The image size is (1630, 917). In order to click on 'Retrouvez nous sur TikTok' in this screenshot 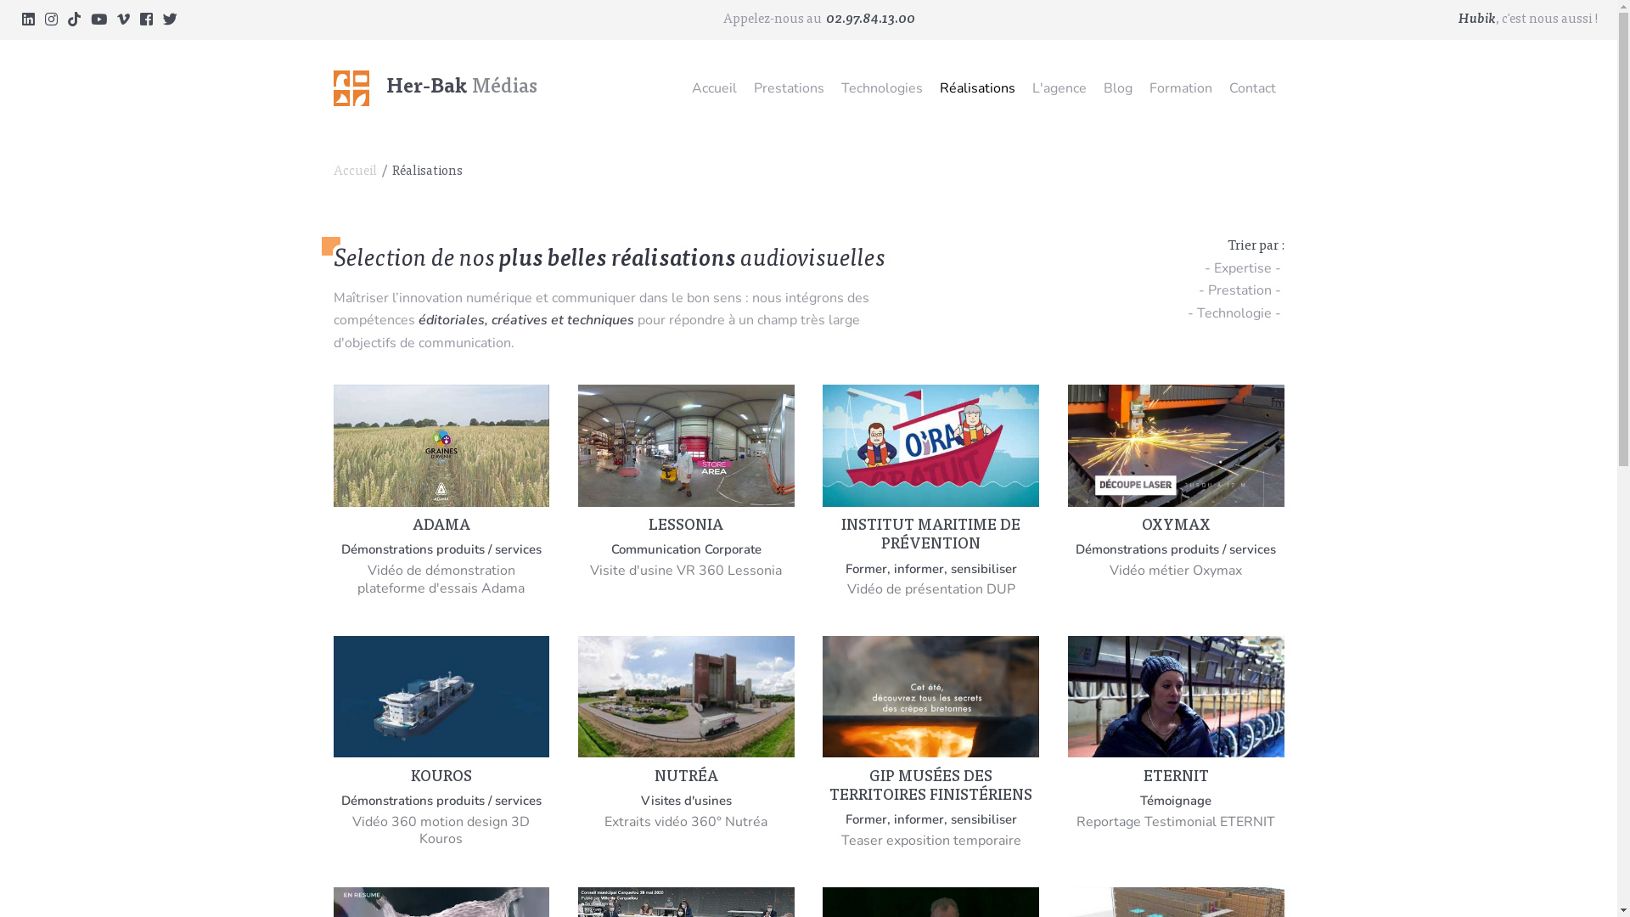, I will do `click(73, 19)`.